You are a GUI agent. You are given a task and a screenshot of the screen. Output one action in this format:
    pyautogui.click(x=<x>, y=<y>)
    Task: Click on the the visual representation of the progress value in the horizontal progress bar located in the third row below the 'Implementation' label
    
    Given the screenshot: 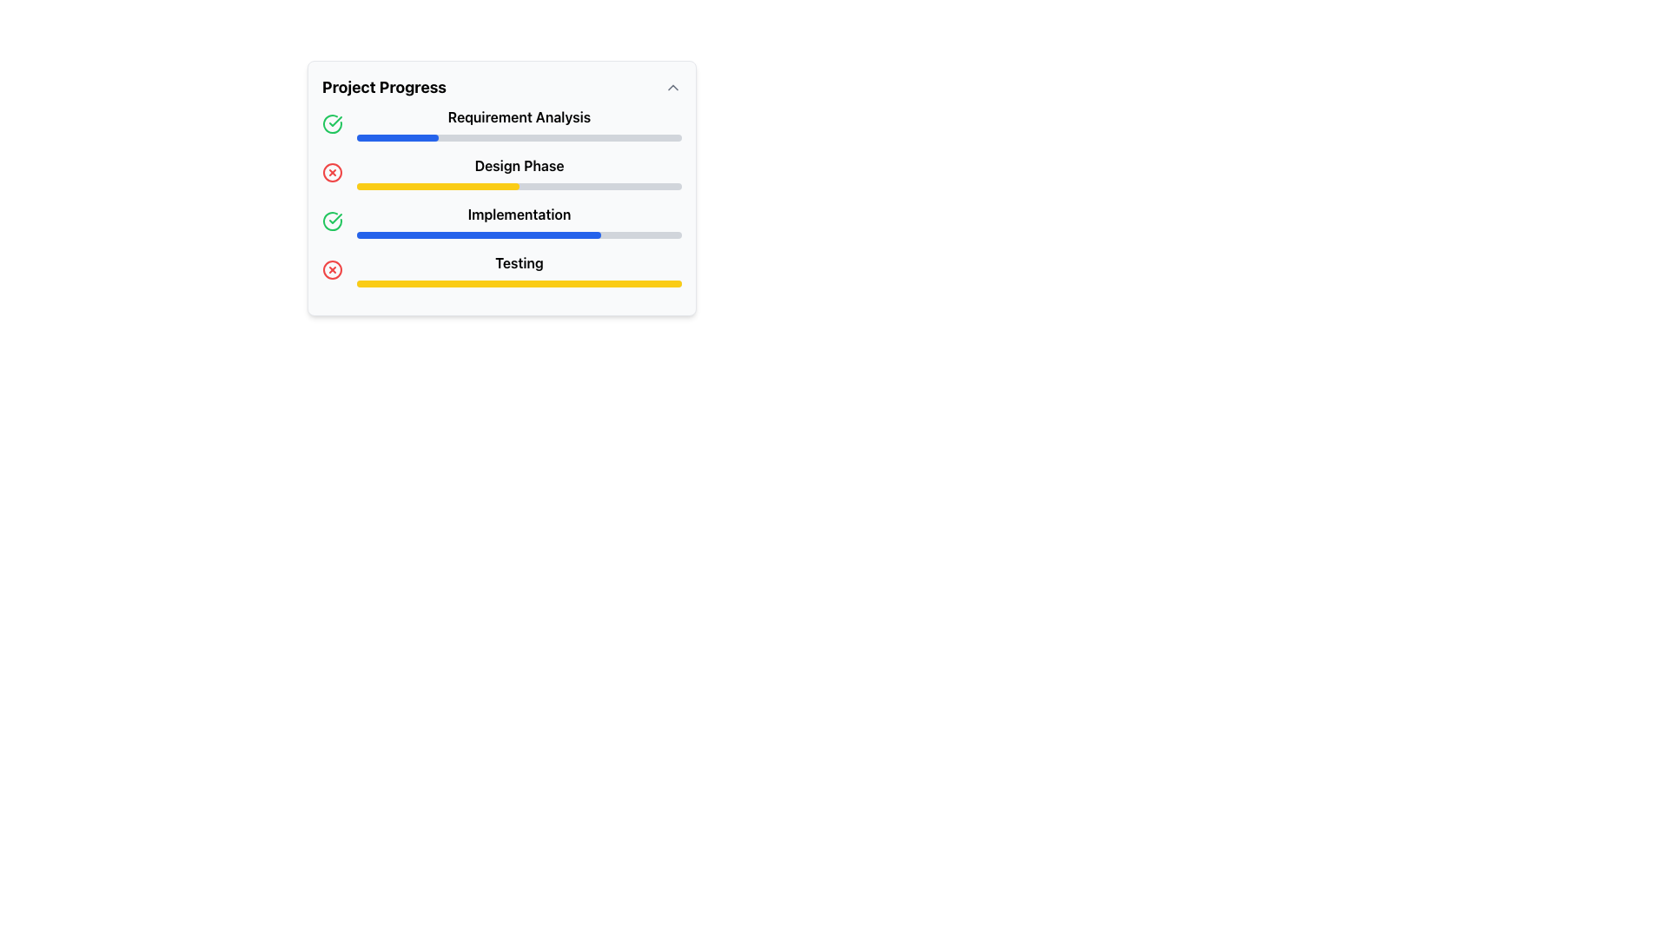 What is the action you would take?
    pyautogui.click(x=519, y=234)
    